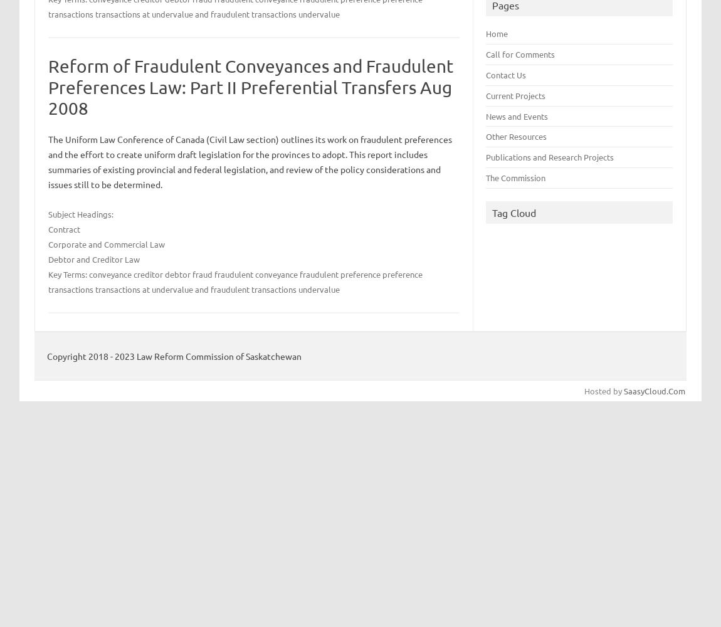 This screenshot has height=627, width=721. Describe the element at coordinates (47, 97) in the screenshot. I see `'Aug 2008'` at that location.